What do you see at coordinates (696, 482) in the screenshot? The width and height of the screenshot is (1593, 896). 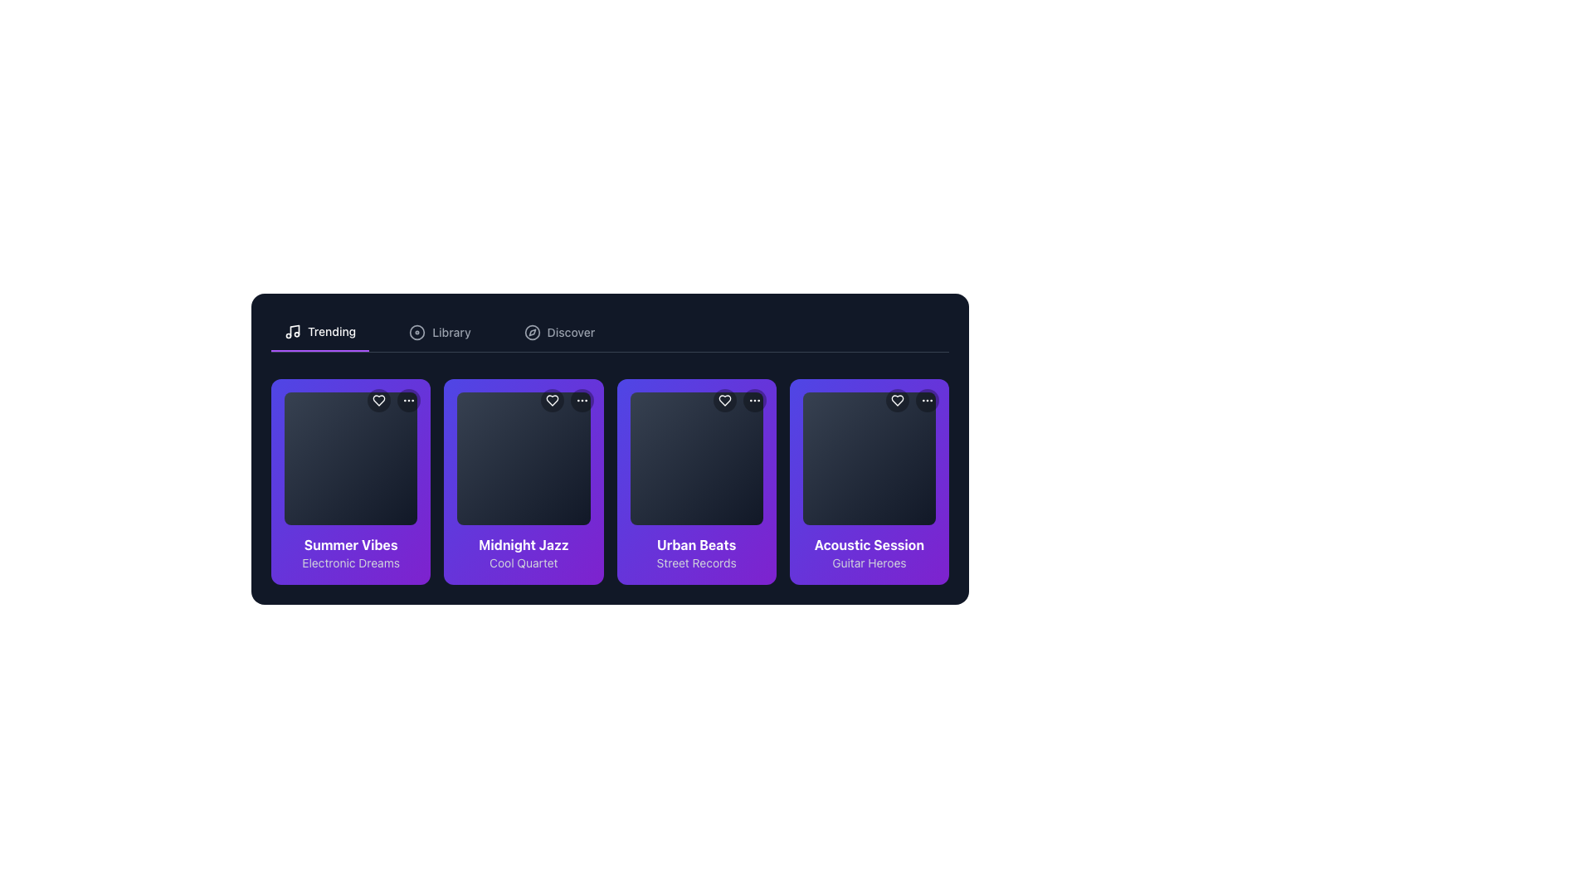 I see `the 'Urban Beats' interactive card with a gradient background in the 'Trending' section` at bounding box center [696, 482].